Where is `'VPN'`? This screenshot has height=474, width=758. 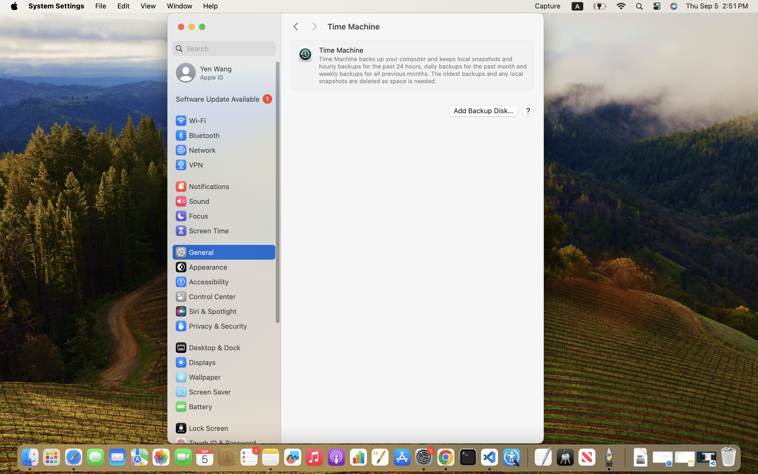 'VPN' is located at coordinates (189, 165).